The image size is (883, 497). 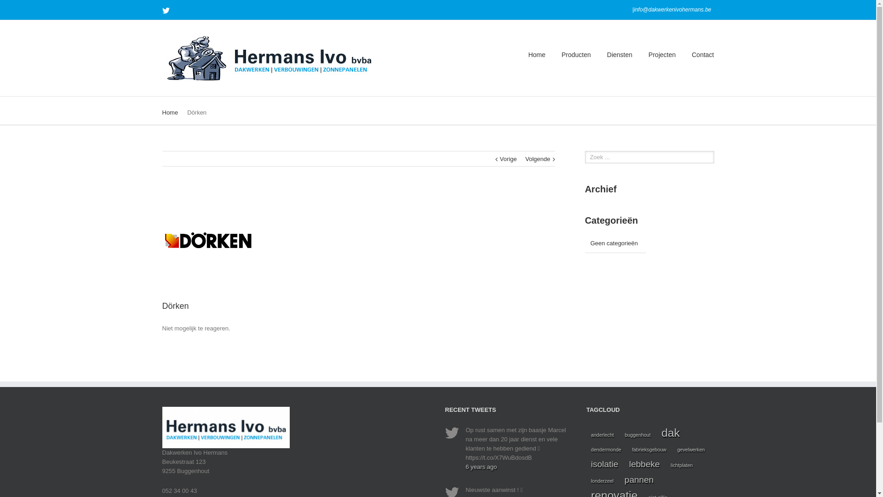 I want to click on 'Home', so click(x=161, y=112).